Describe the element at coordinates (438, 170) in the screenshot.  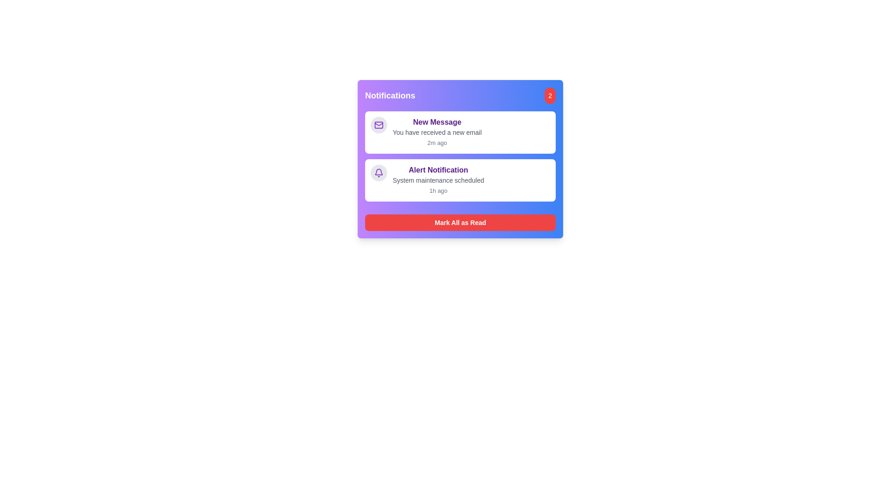
I see `the Text Label that serves as the title of the notification, located within the notification card, below the 'New Message' notification and above the 'Mark All as Read' button` at that location.